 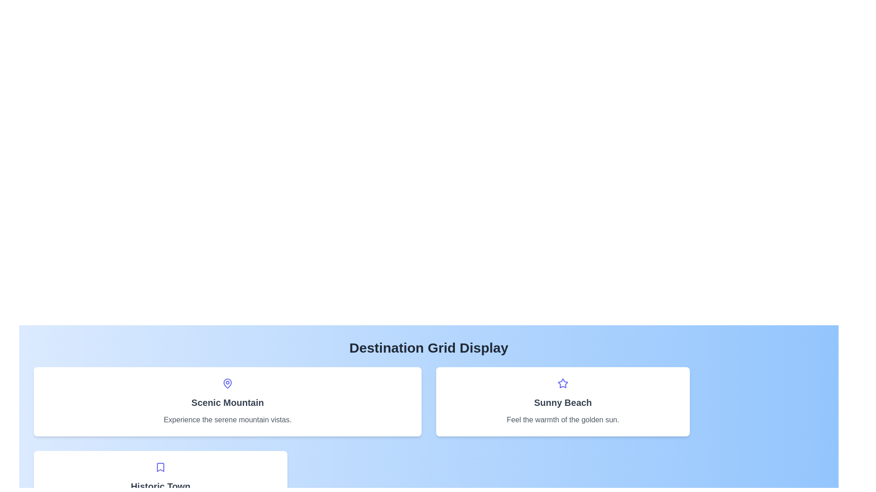 What do you see at coordinates (160, 467) in the screenshot?
I see `the visual indicator icon associated with the 'Historic Town' section, which is centrally positioned above the text 'Historic Town'` at bounding box center [160, 467].